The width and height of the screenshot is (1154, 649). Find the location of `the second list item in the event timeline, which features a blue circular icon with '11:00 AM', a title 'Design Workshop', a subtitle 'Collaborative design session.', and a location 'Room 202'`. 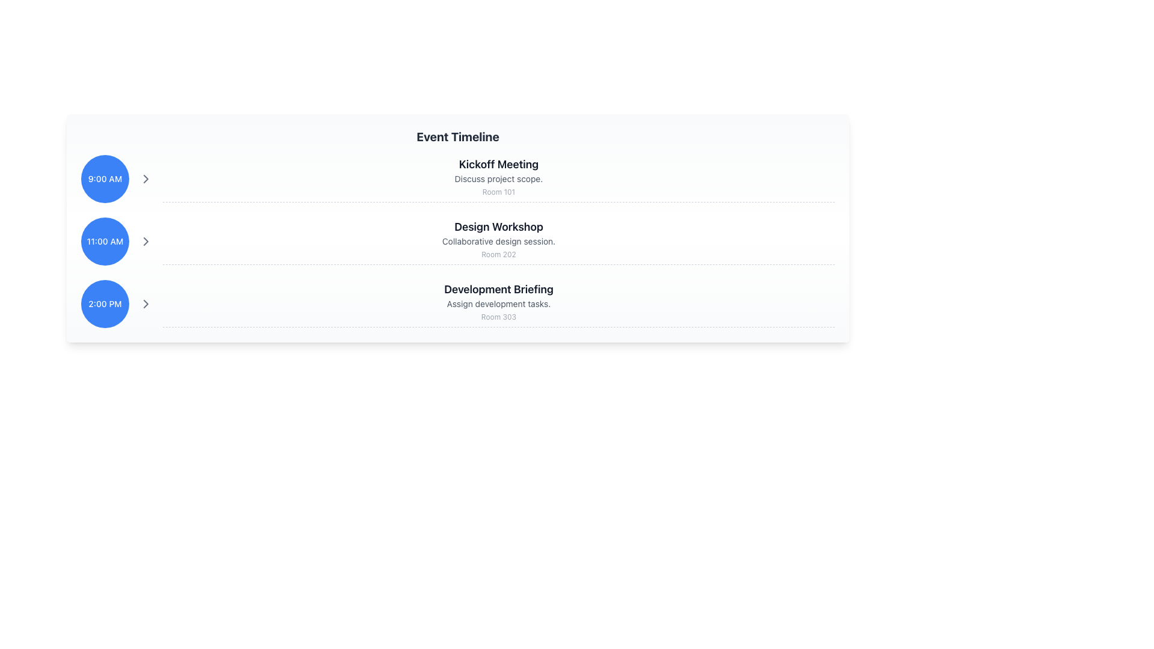

the second list item in the event timeline, which features a blue circular icon with '11:00 AM', a title 'Design Workshop', a subtitle 'Collaborative design session.', and a location 'Room 202' is located at coordinates (457, 241).